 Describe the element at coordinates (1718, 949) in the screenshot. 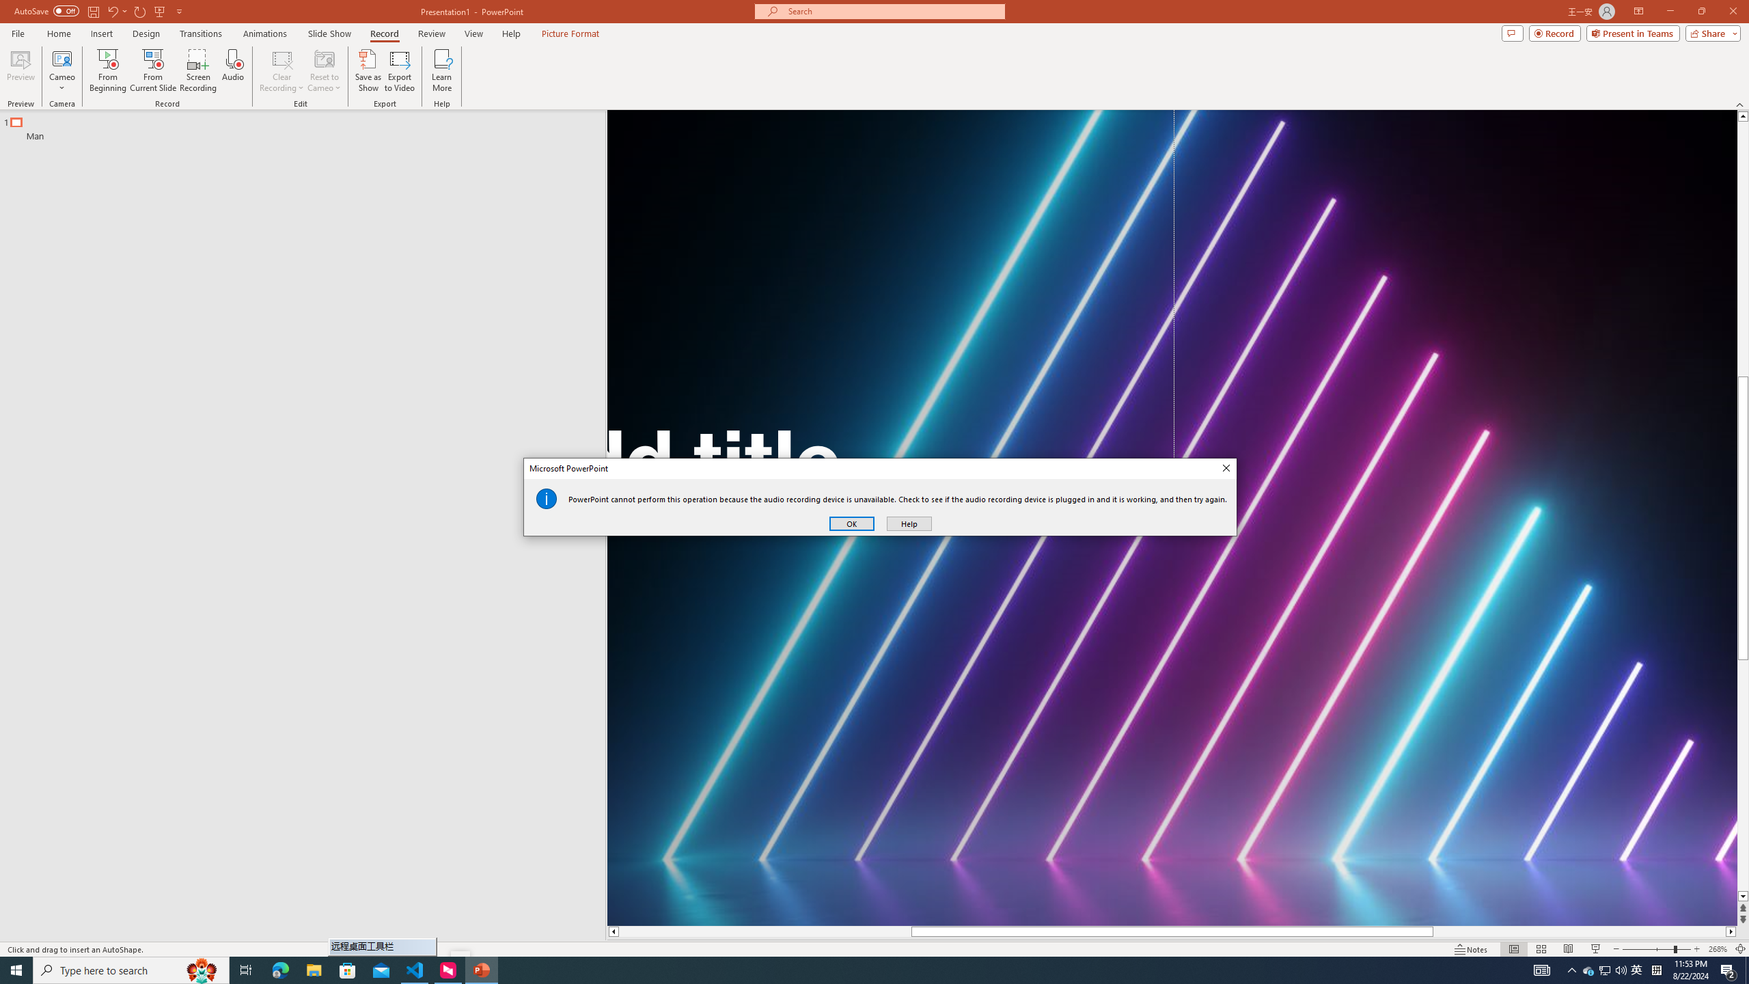

I see `'Zoom 268%'` at that location.